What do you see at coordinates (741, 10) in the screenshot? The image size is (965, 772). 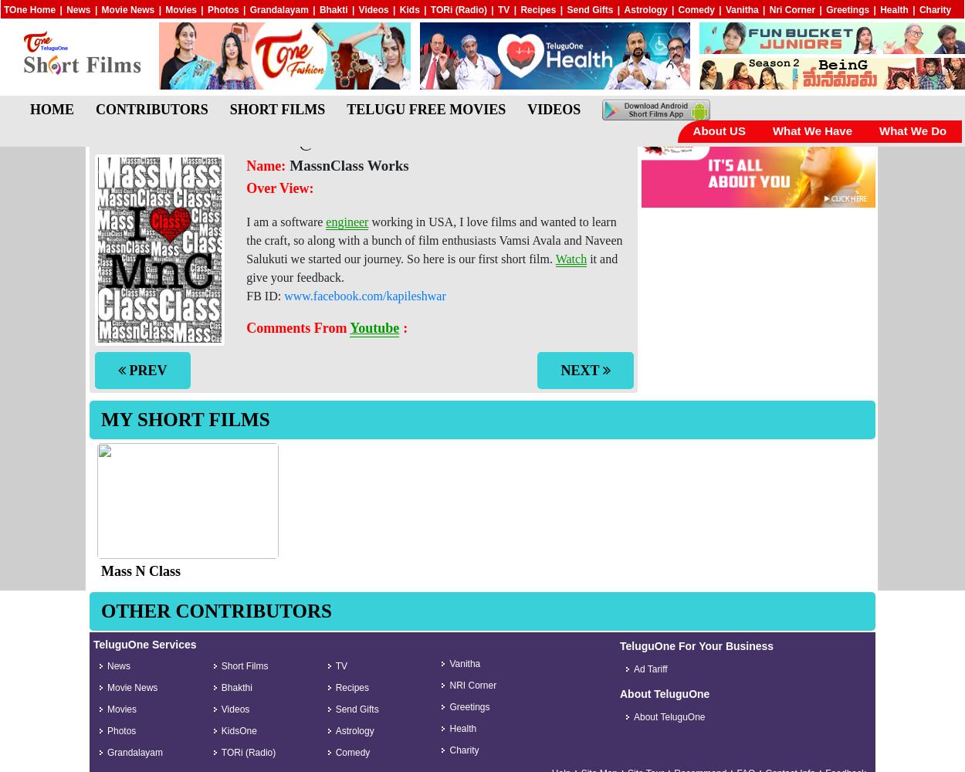 I see `'Vanitha'` at bounding box center [741, 10].